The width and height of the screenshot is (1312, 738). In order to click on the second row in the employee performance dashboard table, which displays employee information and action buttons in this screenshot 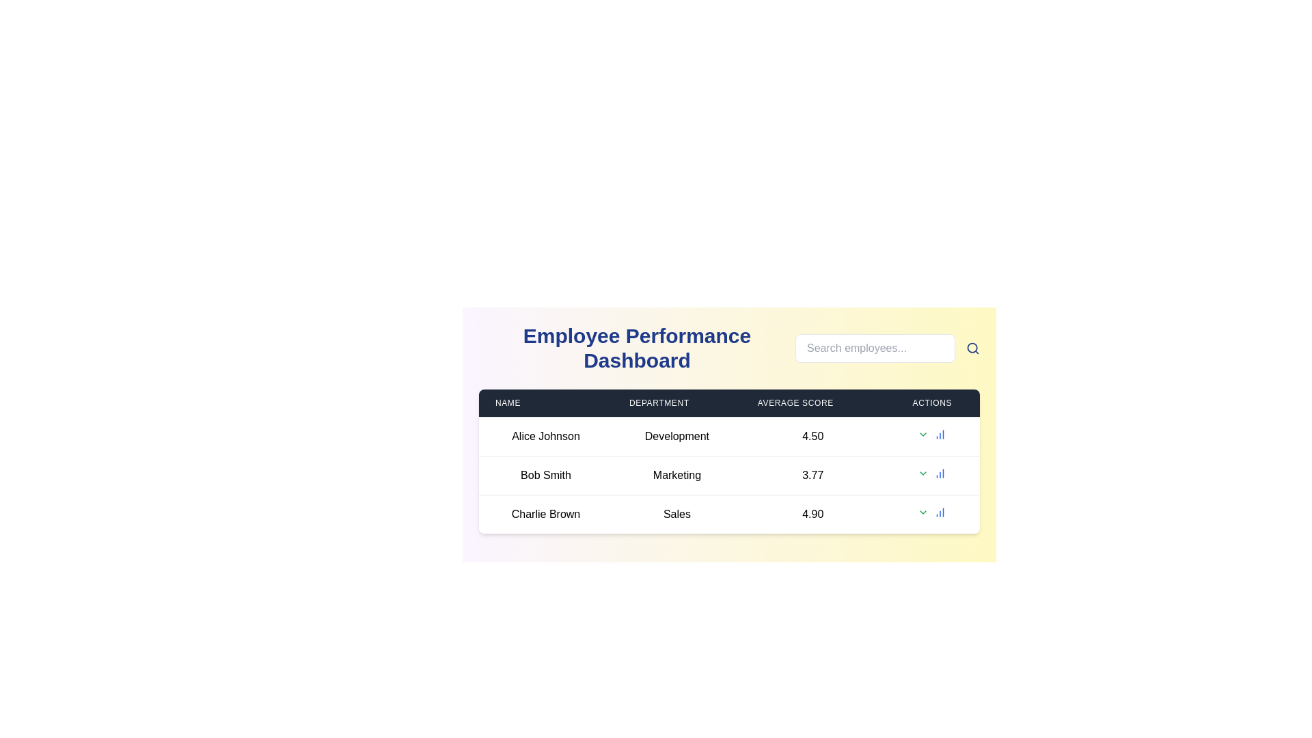, I will do `click(728, 474)`.